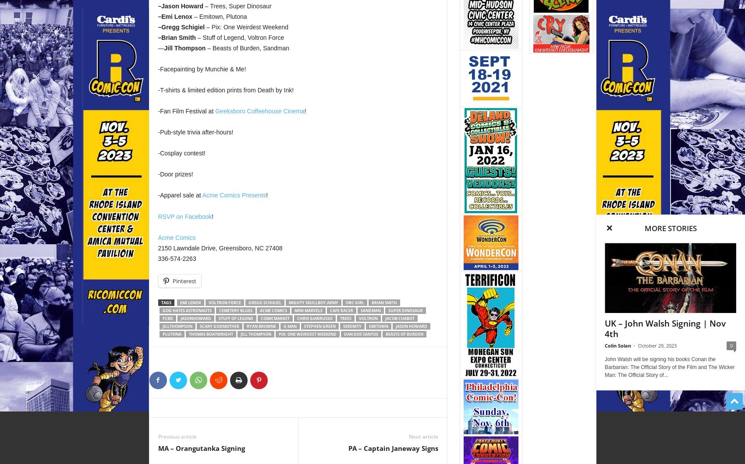 The height and width of the screenshot is (464, 745). I want to click on 'Jason Howard', so click(395, 325).